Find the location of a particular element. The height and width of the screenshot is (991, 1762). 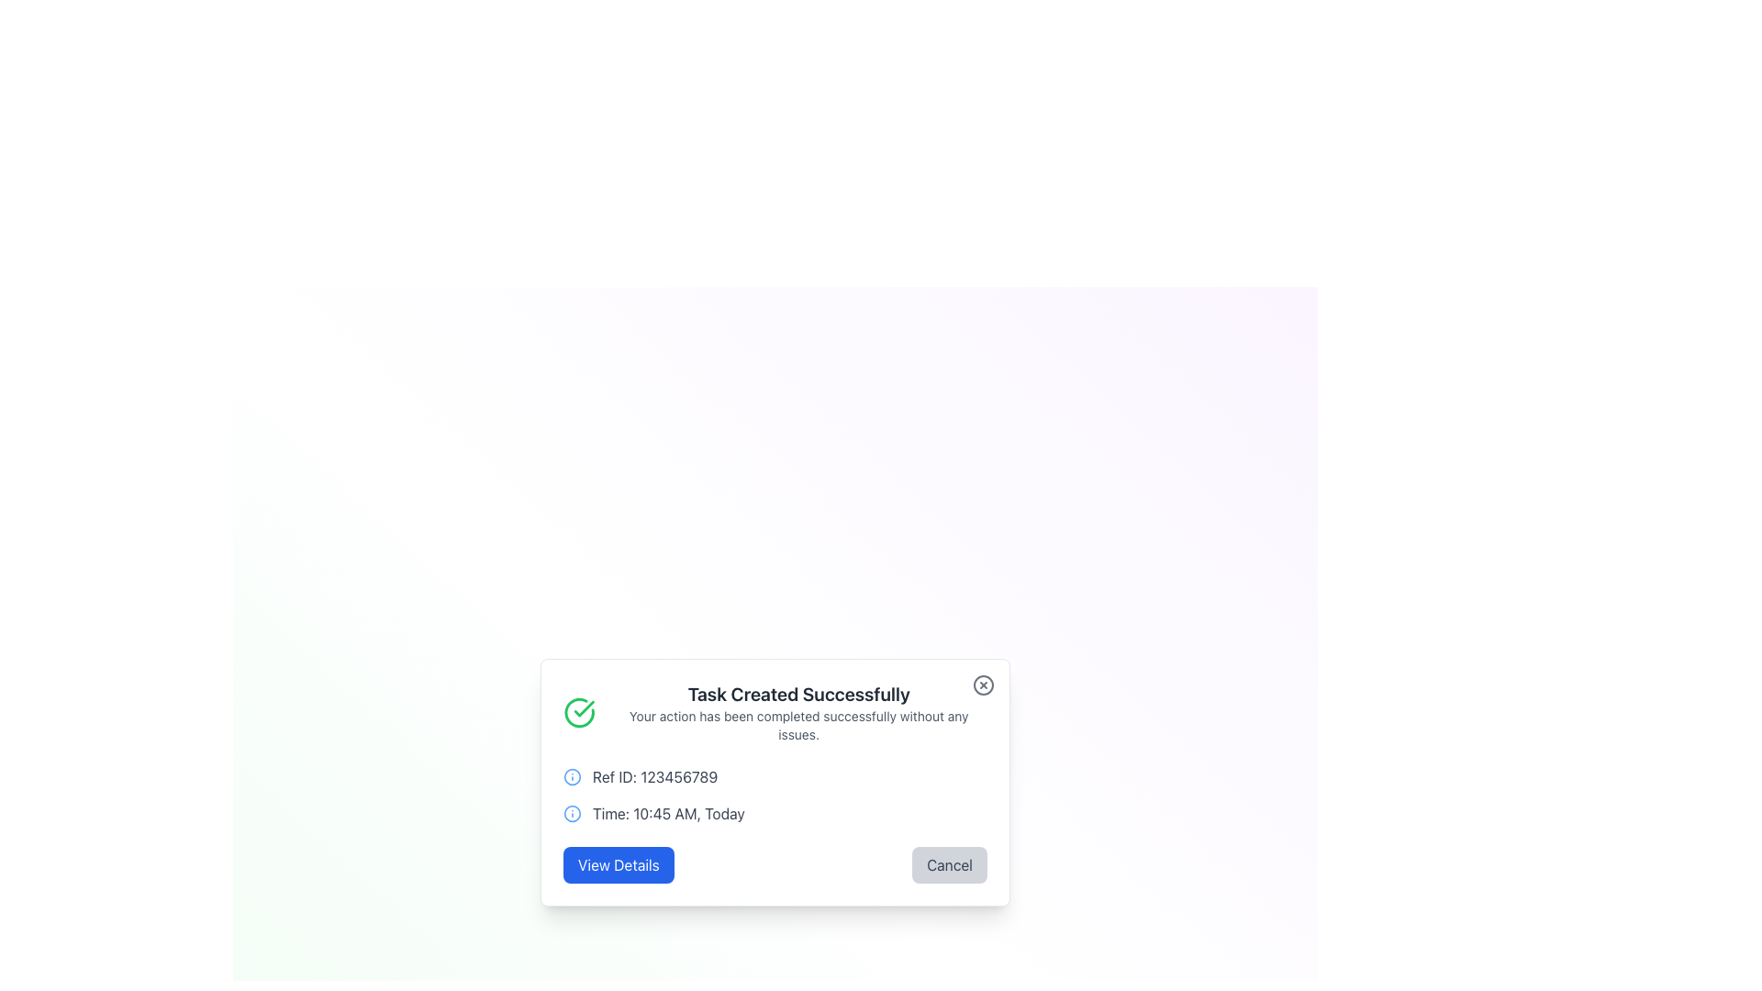

the blue circular component of the SVG information icon located in the modal box displaying a success message is located at coordinates (572, 777).